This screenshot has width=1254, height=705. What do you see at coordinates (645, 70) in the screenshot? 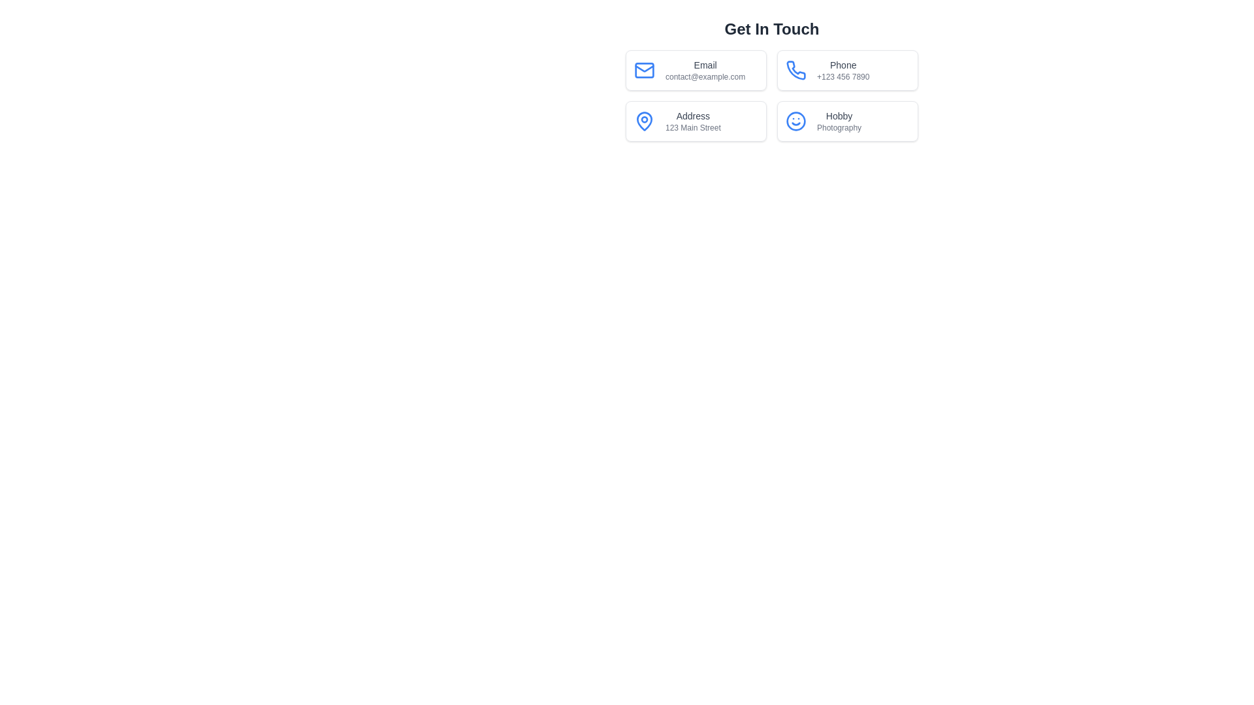
I see `the SVG rectangle element that visually represents the mail icon in the 'Get In Touch' interface, located to the left of the 'Email' label` at bounding box center [645, 70].